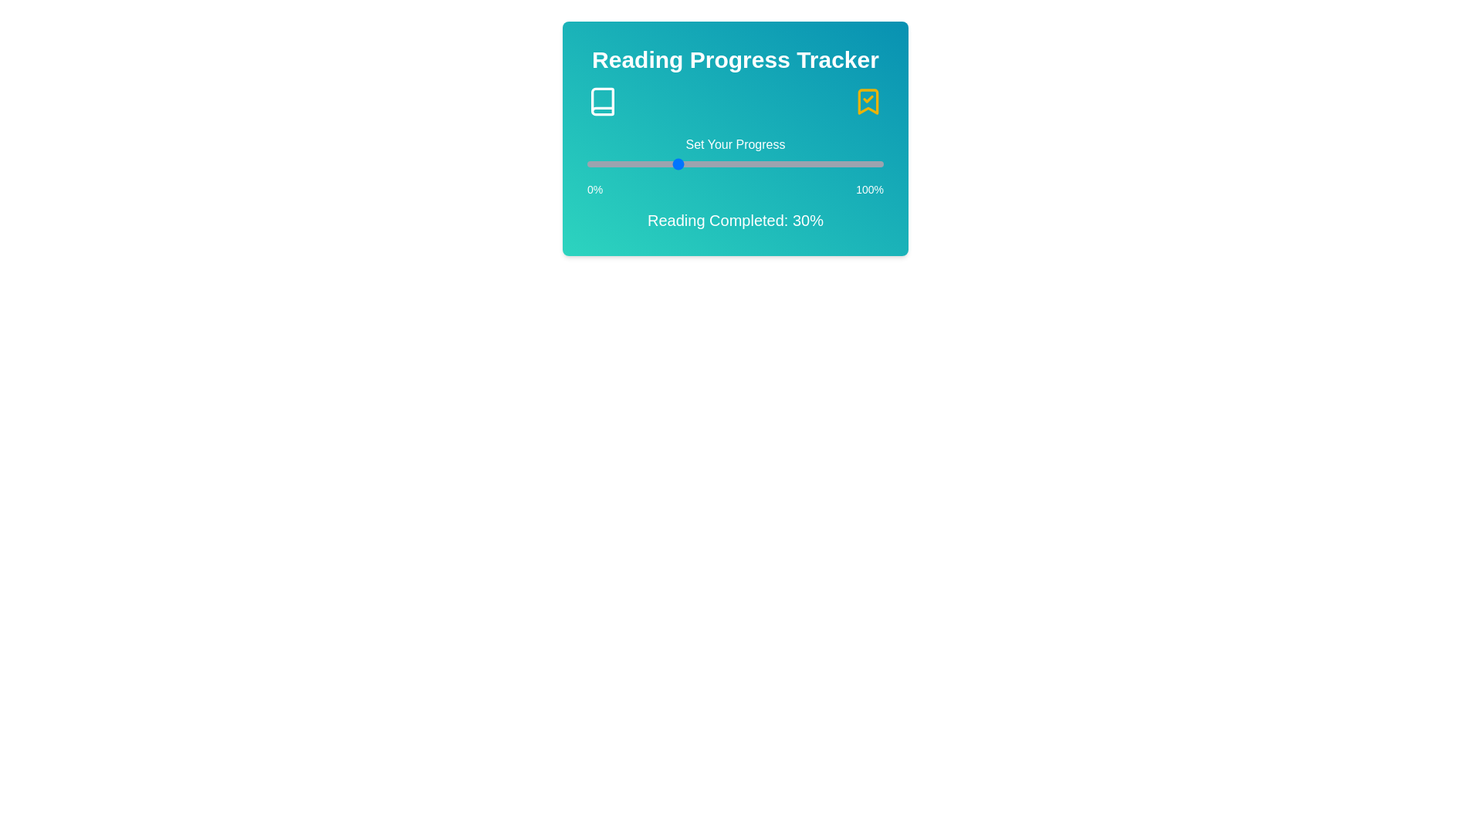  I want to click on the reading progress slider to 36%, so click(693, 164).